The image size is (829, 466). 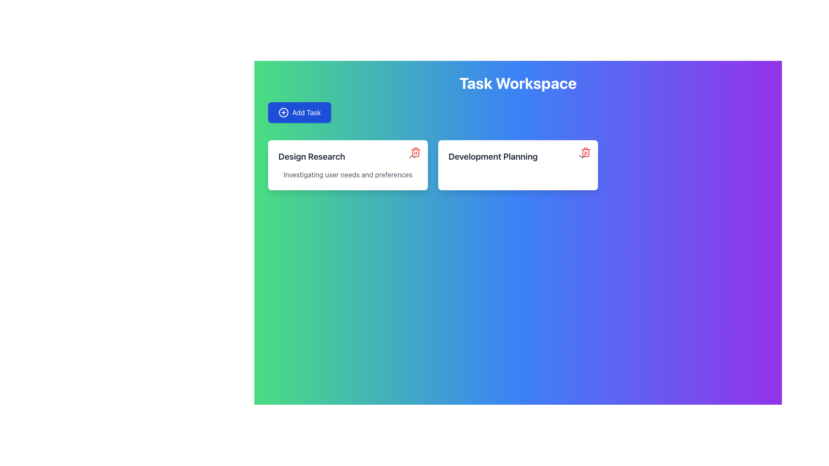 What do you see at coordinates (300, 112) in the screenshot?
I see `the button to initiate task creation located directly below the header text 'Task Workspace' and above the task cards` at bounding box center [300, 112].